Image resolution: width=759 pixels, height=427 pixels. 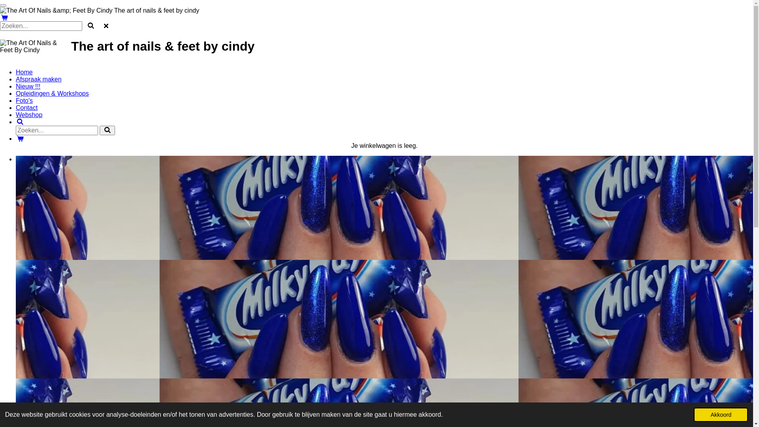 I want to click on 'Nieuw !!!', so click(x=28, y=86).